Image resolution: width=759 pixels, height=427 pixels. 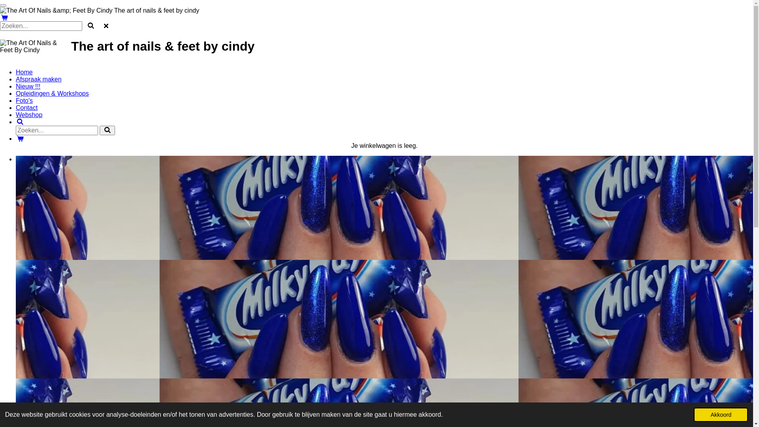 I want to click on 'Nieuw !!!', so click(x=28, y=86).